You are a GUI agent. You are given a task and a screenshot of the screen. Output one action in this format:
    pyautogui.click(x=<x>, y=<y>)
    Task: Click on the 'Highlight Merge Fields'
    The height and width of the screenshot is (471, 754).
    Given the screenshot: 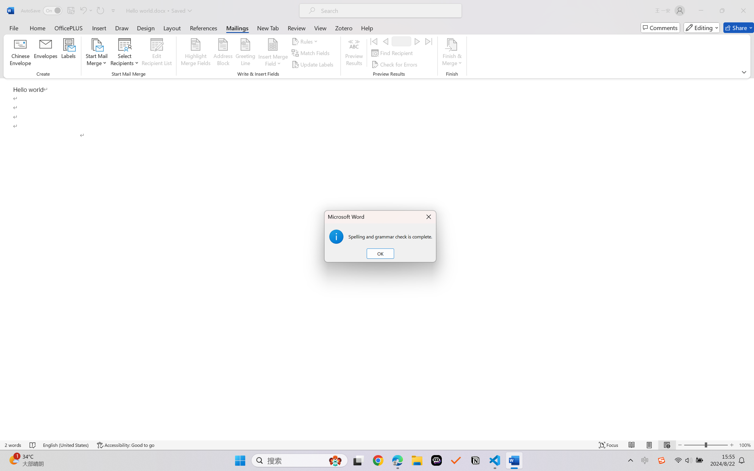 What is the action you would take?
    pyautogui.click(x=196, y=53)
    